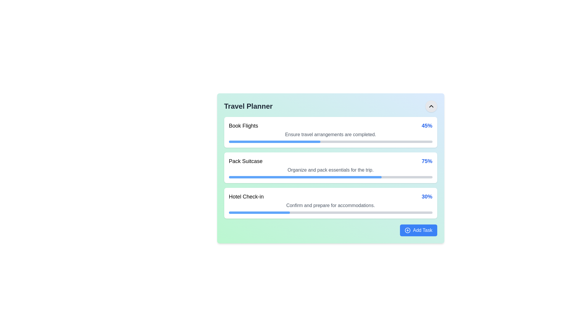 The width and height of the screenshot is (568, 319). I want to click on the text label displaying 'Organize and pack essentials for the trip.' located within the 'Pack Suitcase' task group, positioned directly below the main title, so click(330, 170).